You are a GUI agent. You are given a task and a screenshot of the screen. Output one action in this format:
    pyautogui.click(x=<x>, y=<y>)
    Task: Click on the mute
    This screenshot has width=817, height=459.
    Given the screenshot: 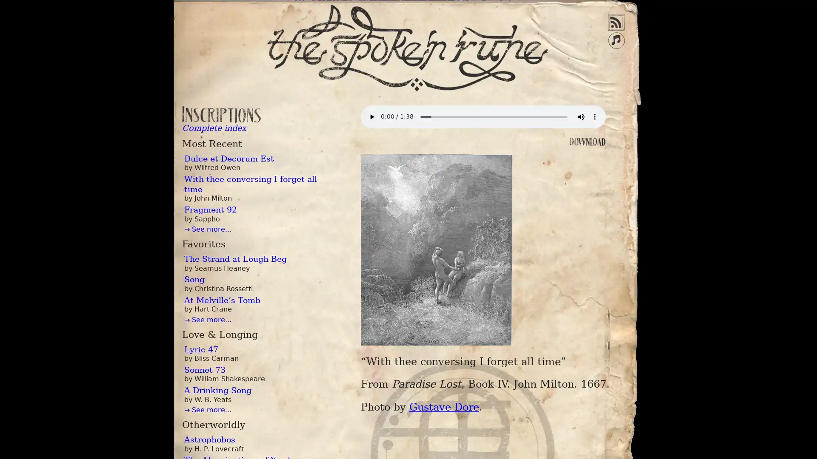 What is the action you would take?
    pyautogui.click(x=580, y=116)
    